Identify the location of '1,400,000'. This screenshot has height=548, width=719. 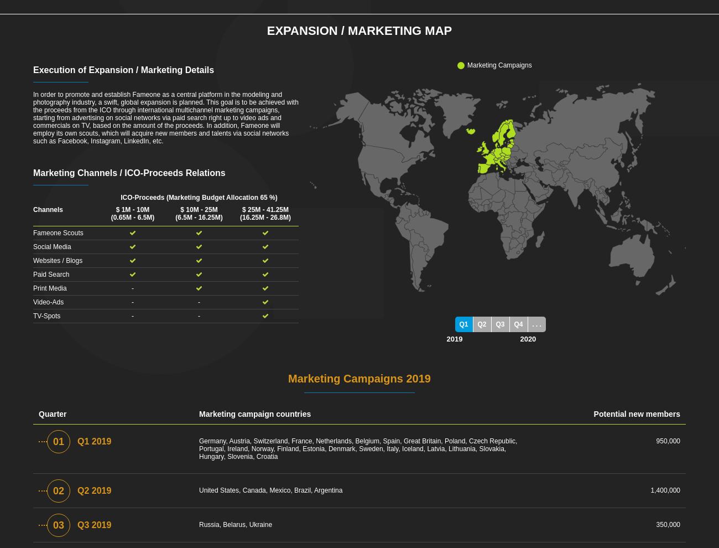
(665, 490).